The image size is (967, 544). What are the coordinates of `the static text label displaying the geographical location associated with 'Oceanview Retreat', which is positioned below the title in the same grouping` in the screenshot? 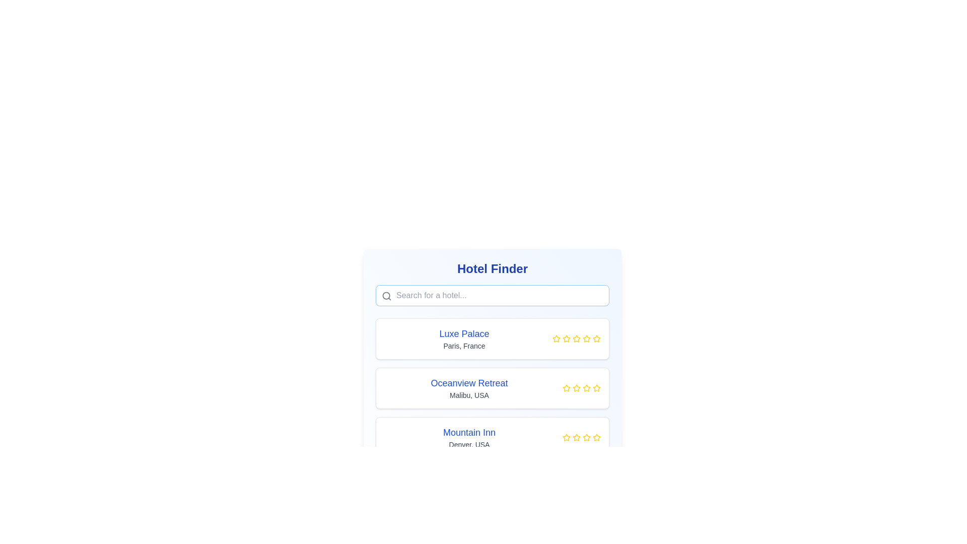 It's located at (468, 395).